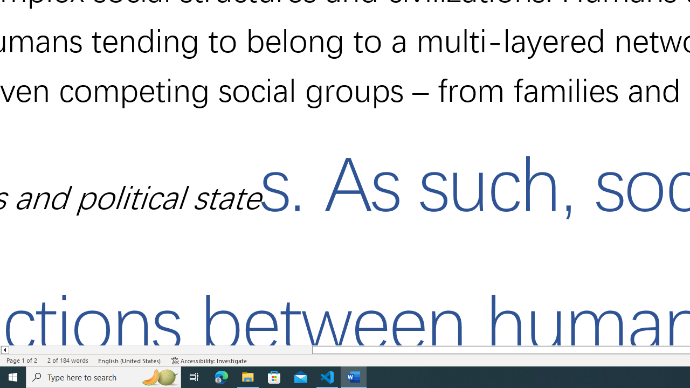  Describe the element at coordinates (129, 361) in the screenshot. I see `'Language English (United States)'` at that location.